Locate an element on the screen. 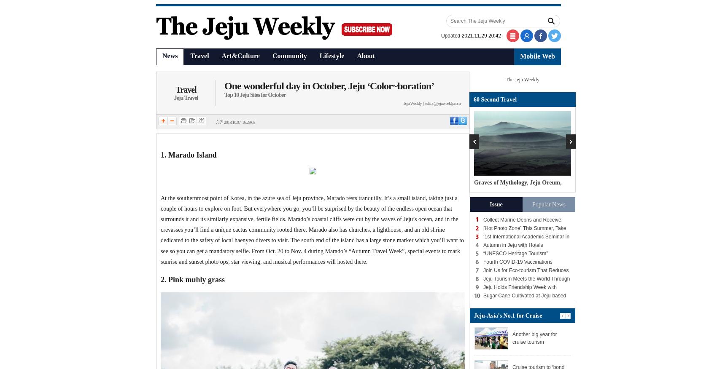  'Lifestyle' is located at coordinates (331, 55).